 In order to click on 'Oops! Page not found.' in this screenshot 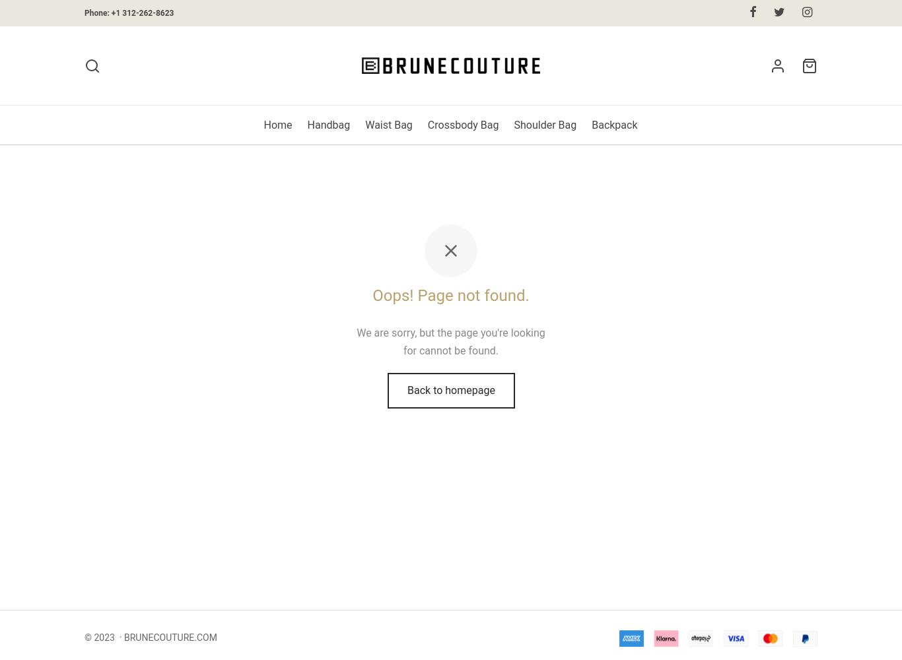, I will do `click(450, 295)`.